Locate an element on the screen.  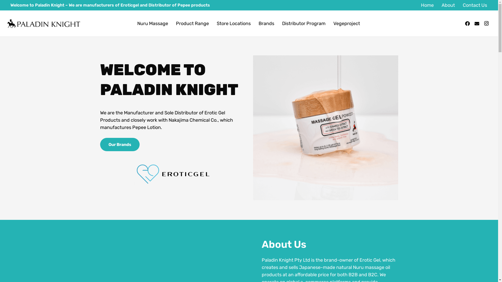
'Our Brands' is located at coordinates (119, 144).